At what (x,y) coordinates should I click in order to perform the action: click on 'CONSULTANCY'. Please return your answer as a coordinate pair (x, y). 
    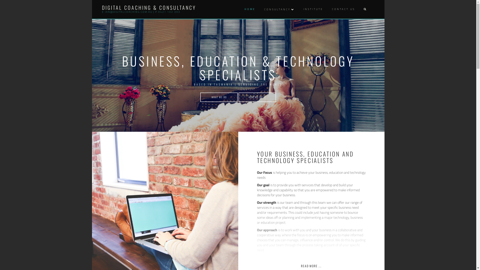
    Looking at the image, I should click on (262, 9).